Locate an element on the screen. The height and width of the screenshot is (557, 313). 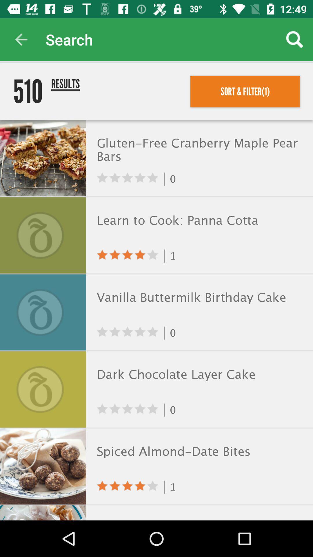
vanilla buttermilk birthday icon is located at coordinates (198, 298).